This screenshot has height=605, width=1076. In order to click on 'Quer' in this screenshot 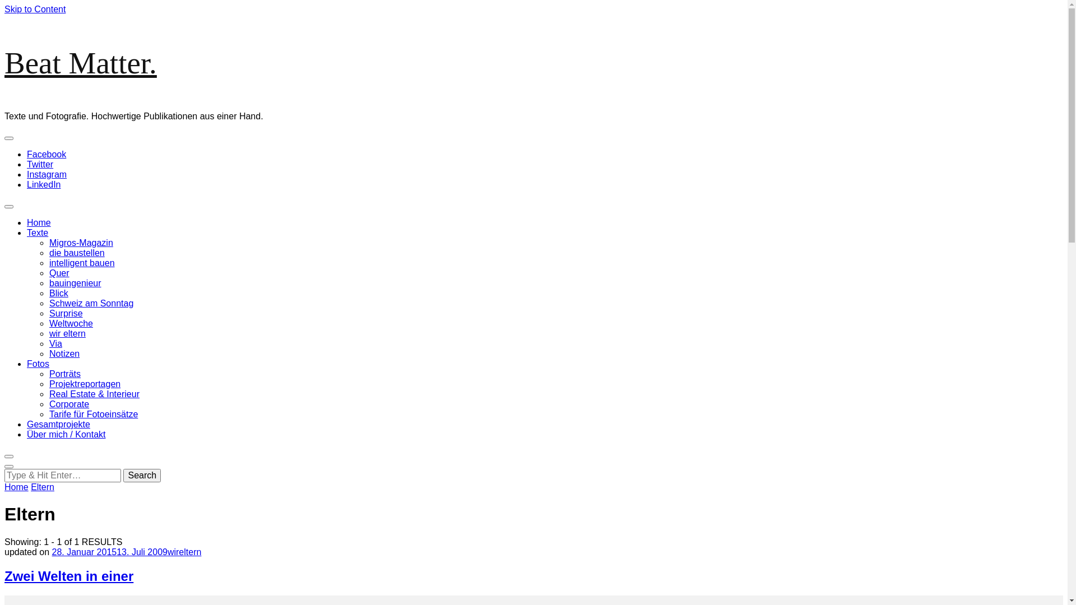, I will do `click(48, 273)`.